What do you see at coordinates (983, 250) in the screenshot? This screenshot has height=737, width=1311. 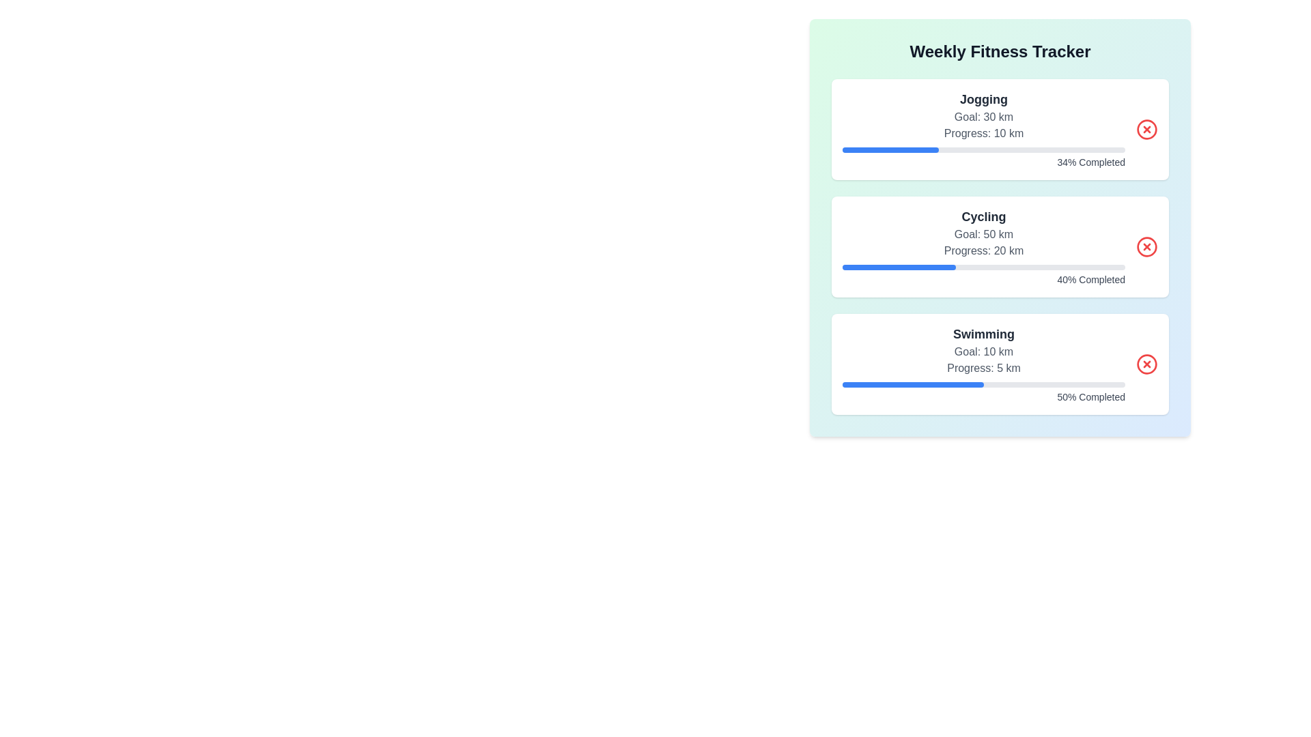 I see `the text label displaying 'Progress: 20 km', which is part of the cycling goals section, located below the title 'Cycling' and above the progress bar` at bounding box center [983, 250].